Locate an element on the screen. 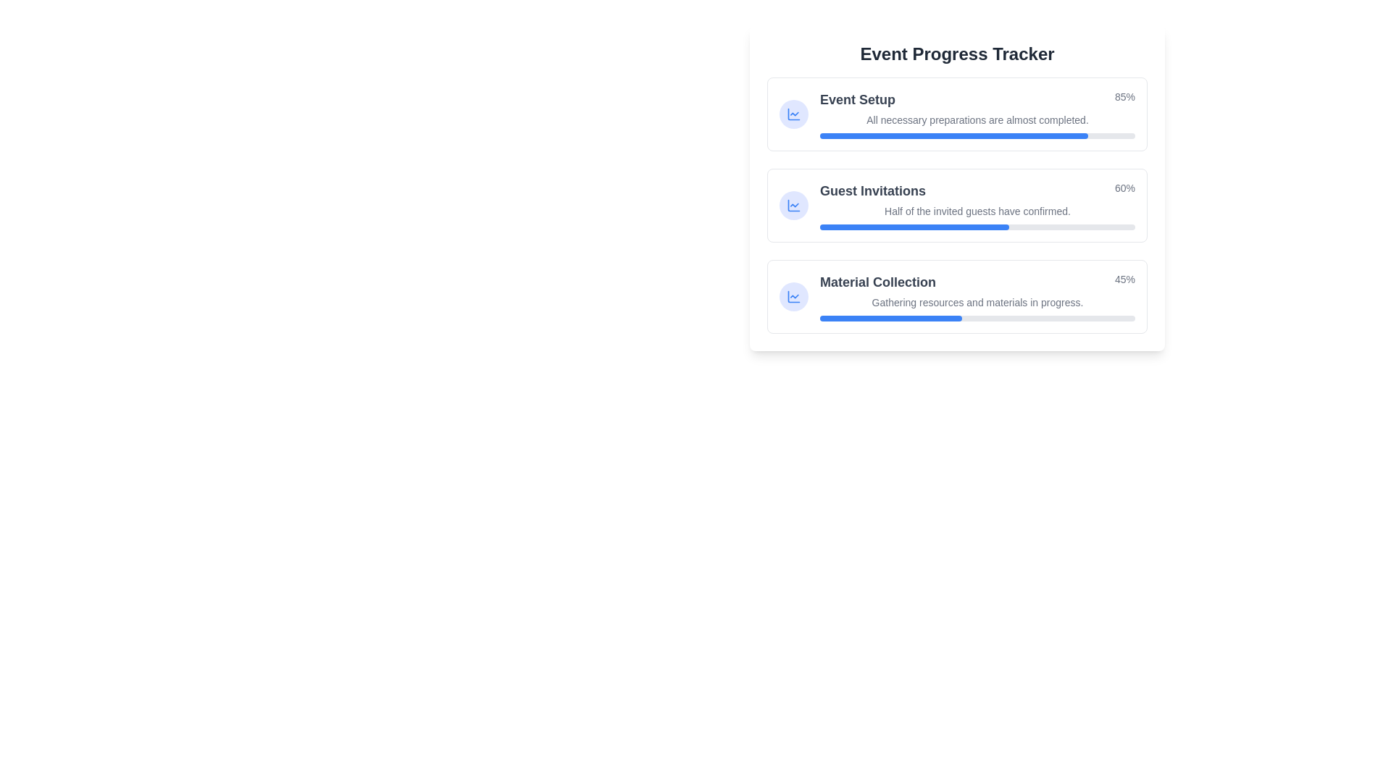 Image resolution: width=1391 pixels, height=782 pixels. the horizontal blue progress bar with rounded ends located in the 'Event Setup' section, positioned under the event description is located at coordinates (953, 136).